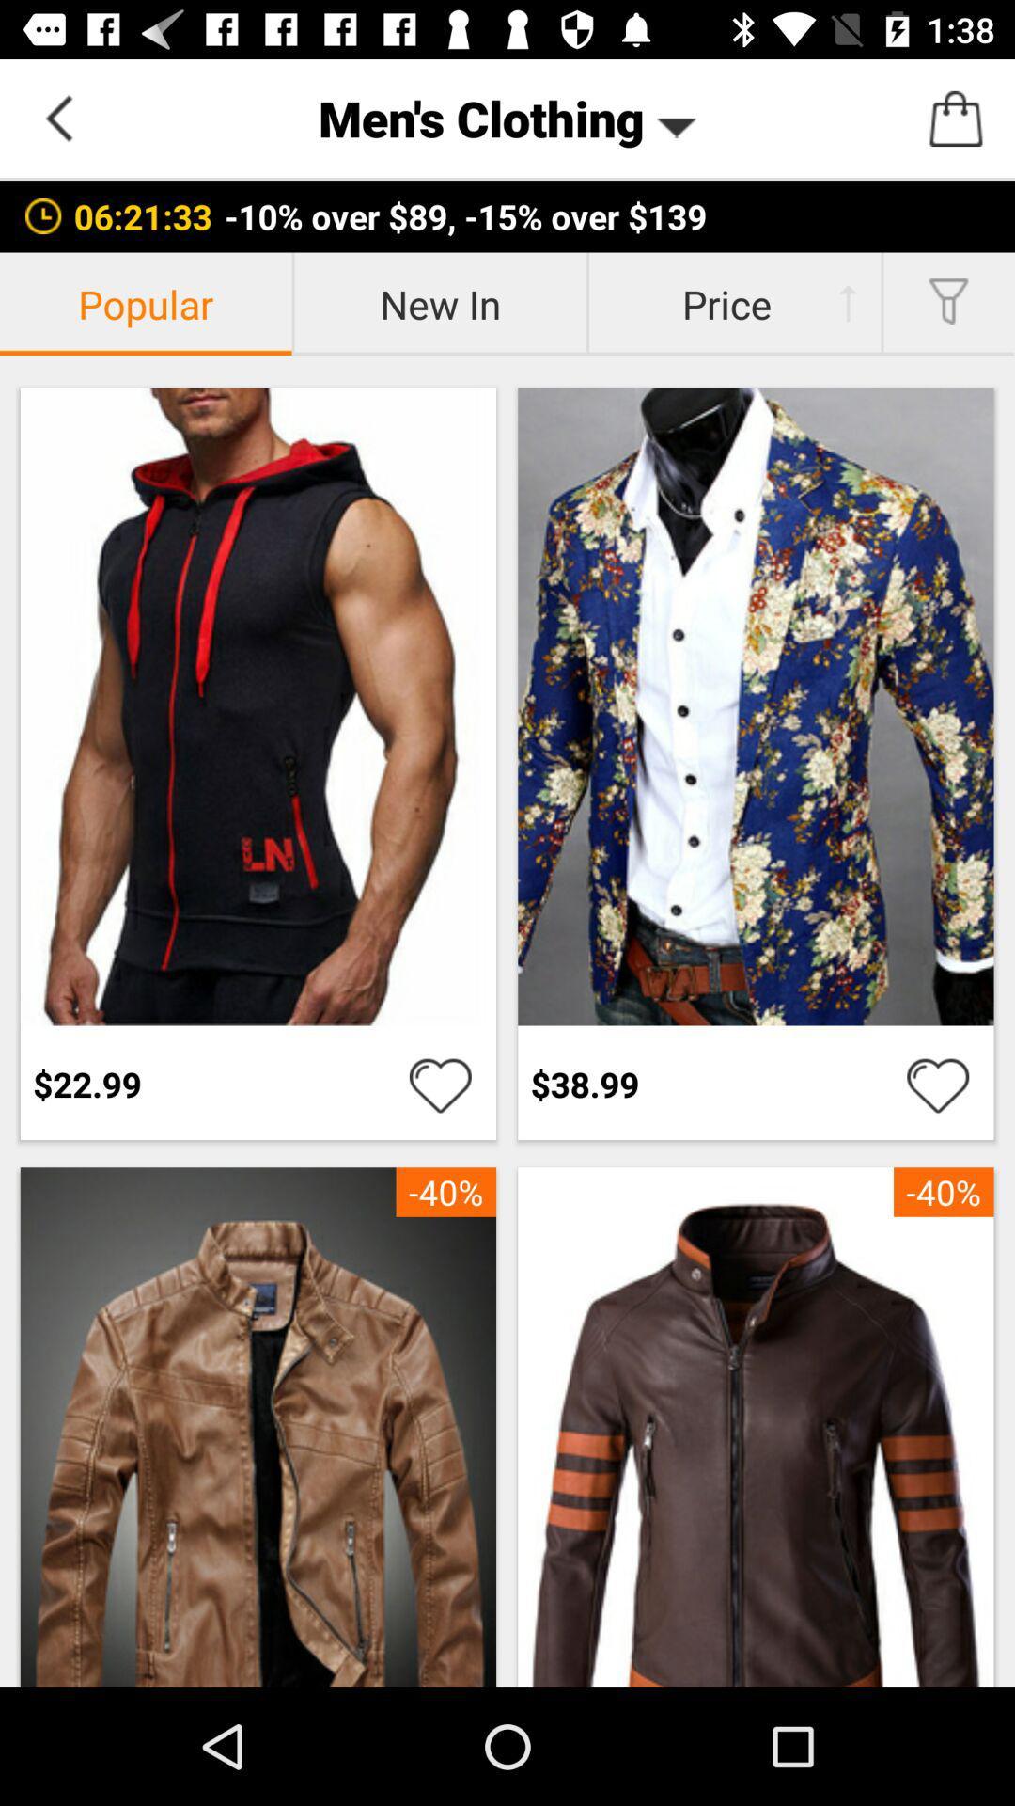 Image resolution: width=1015 pixels, height=1806 pixels. I want to click on to wishlist, so click(938, 1084).